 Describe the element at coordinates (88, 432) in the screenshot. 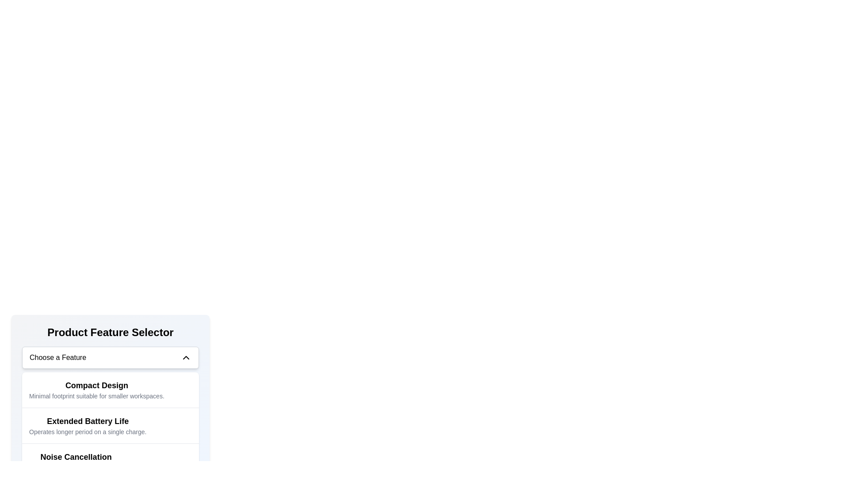

I see `descriptive Text Label located below the 'Extended Battery Life' heading in the 'Product Feature Selector' section` at that location.